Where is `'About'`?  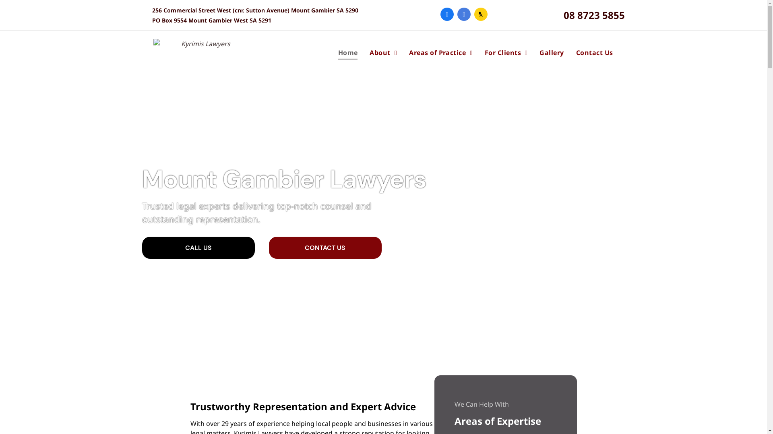 'About' is located at coordinates (382, 53).